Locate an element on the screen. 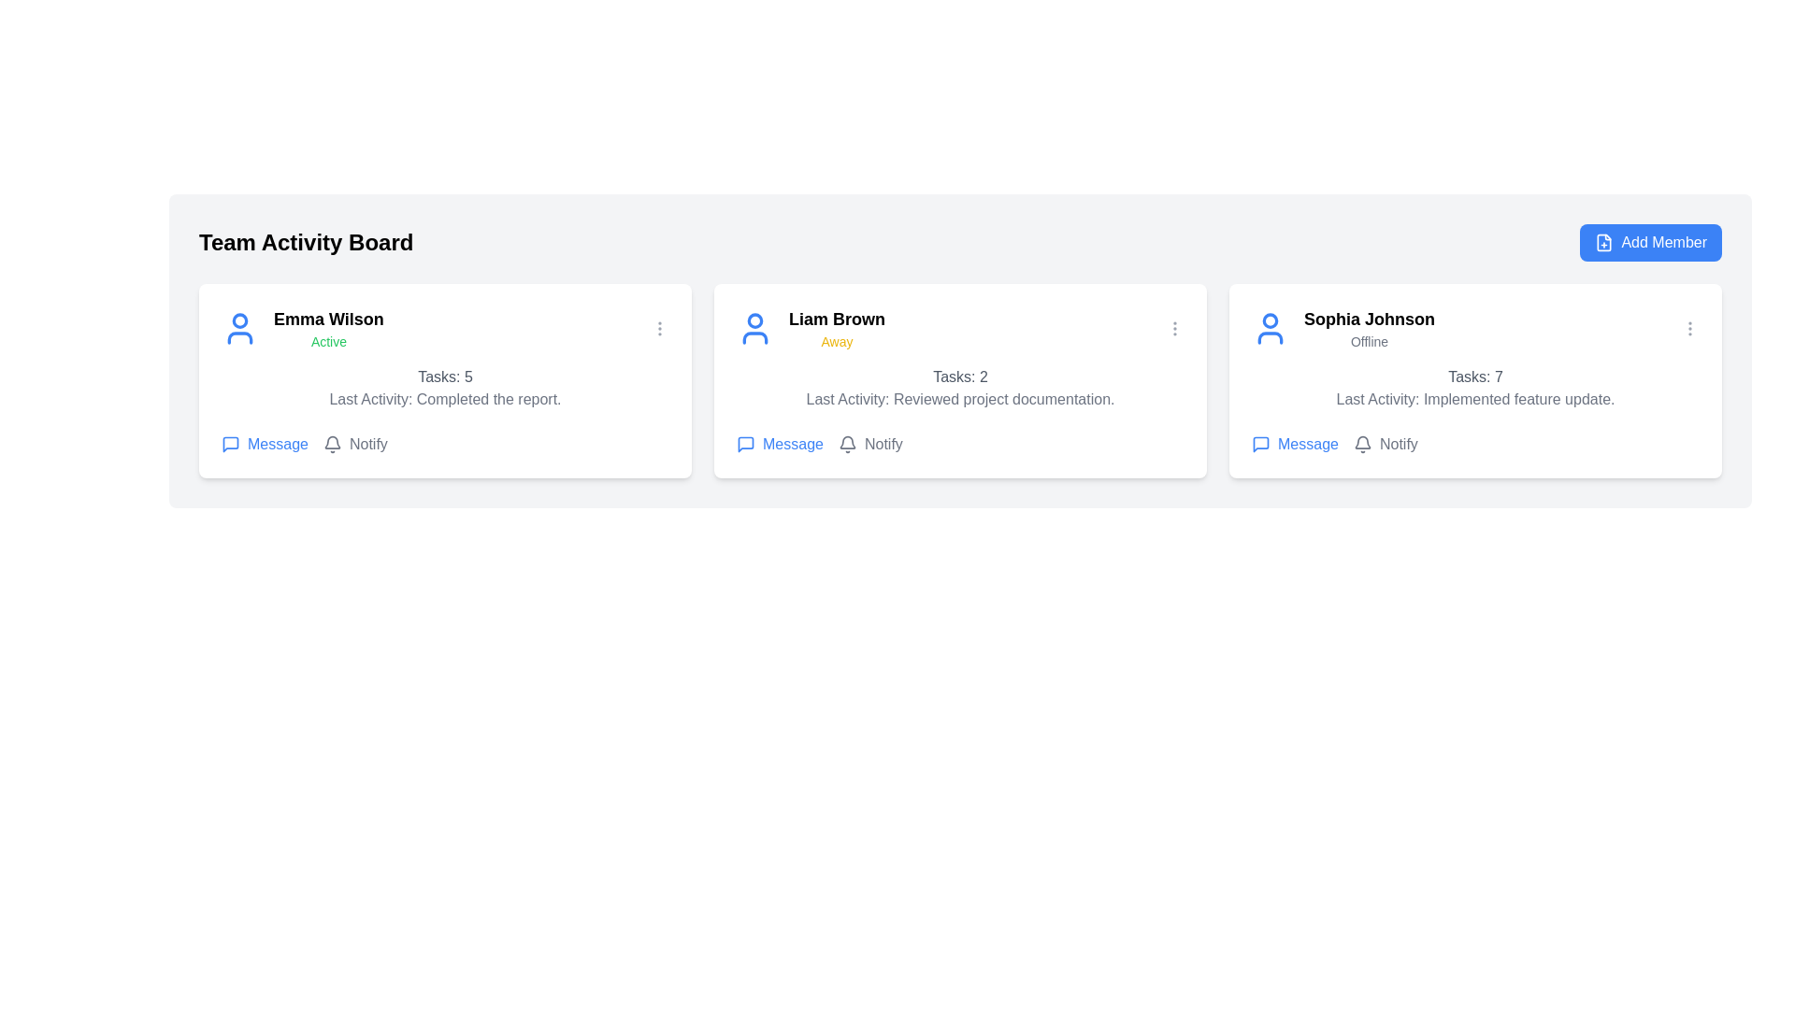  the head of the avatar icon is located at coordinates (239, 320).